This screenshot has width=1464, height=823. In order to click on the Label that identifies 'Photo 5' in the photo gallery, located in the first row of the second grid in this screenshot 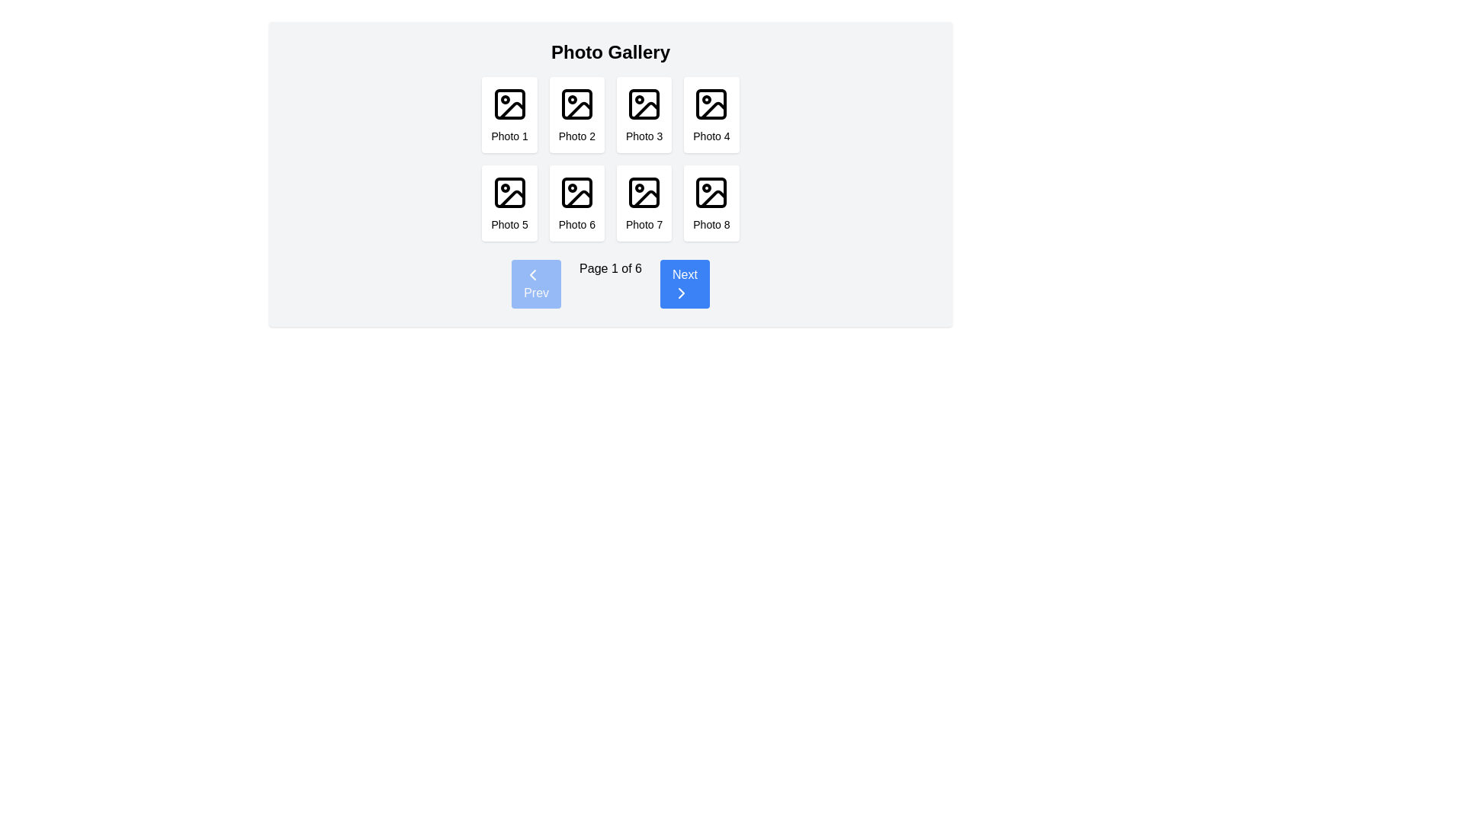, I will do `click(509, 224)`.